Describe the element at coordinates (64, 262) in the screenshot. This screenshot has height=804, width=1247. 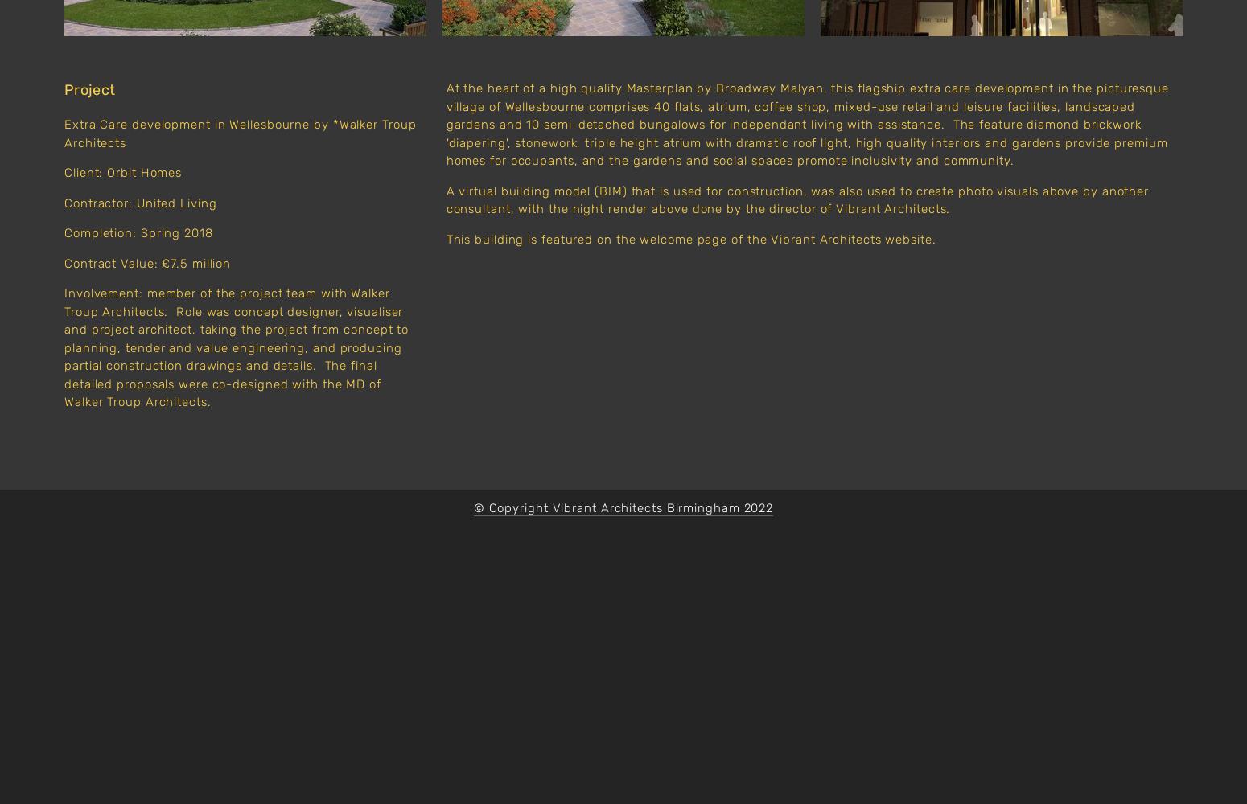
I see `'Contract Value: £7.5 million'` at that location.